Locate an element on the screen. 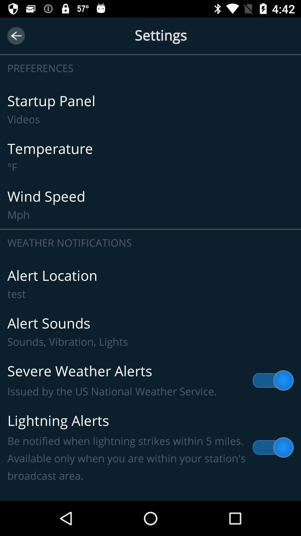 This screenshot has width=301, height=536. the arrow_backward icon is located at coordinates (16, 35).